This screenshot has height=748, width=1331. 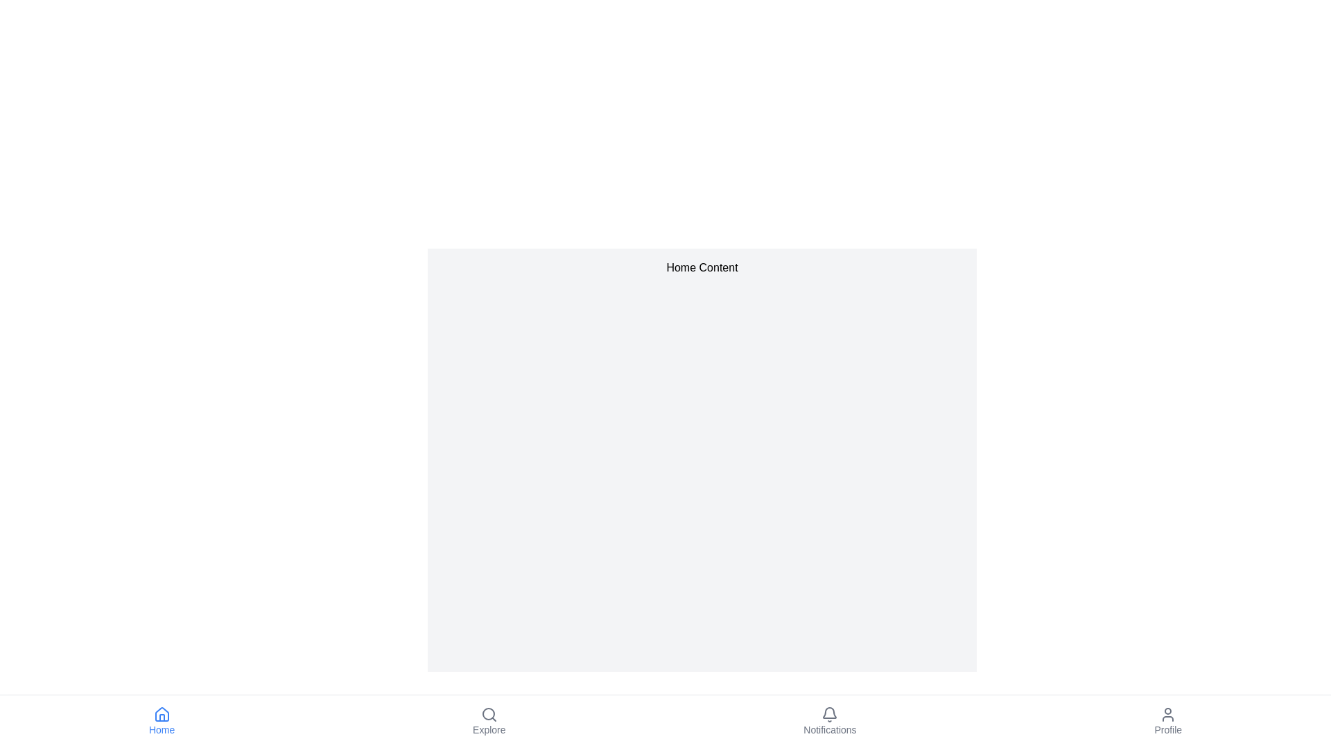 What do you see at coordinates (162, 715) in the screenshot?
I see `the 'Home' icon located in the bottom navigation bar, which is the first icon from the left` at bounding box center [162, 715].